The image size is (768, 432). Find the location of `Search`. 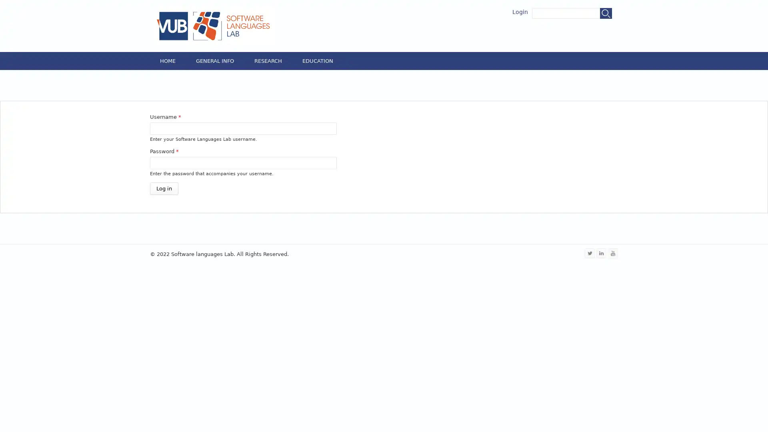

Search is located at coordinates (606, 13).